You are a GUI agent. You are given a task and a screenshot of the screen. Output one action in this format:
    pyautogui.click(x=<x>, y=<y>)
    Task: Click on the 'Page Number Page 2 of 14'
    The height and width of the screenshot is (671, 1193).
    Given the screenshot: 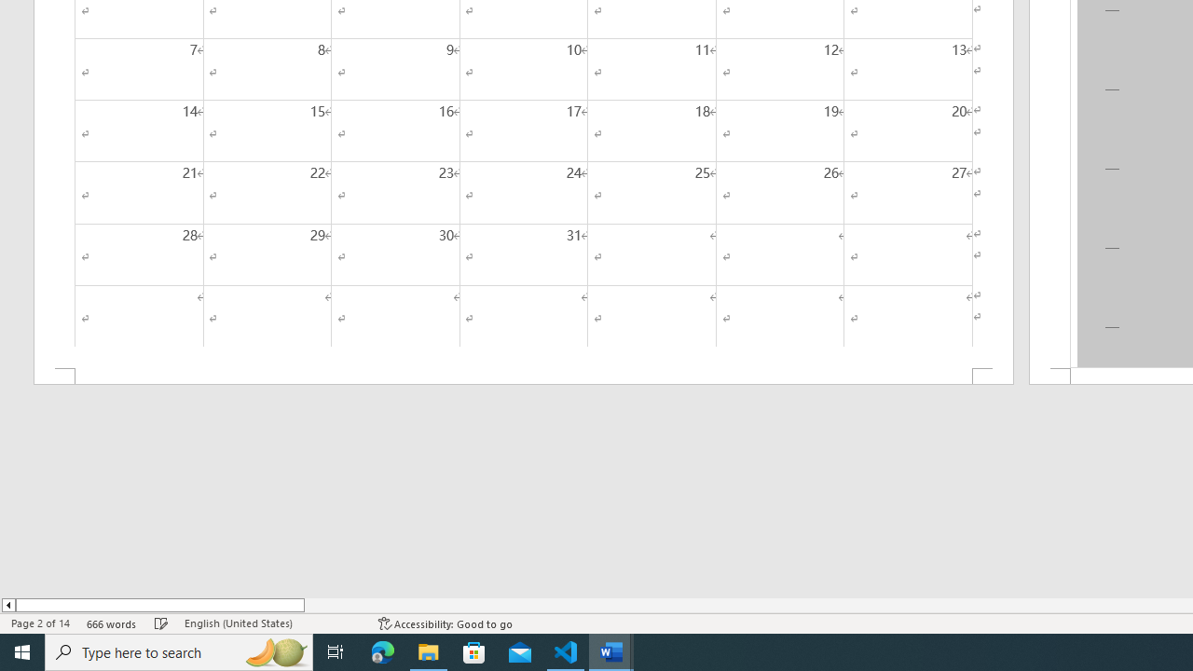 What is the action you would take?
    pyautogui.click(x=40, y=623)
    